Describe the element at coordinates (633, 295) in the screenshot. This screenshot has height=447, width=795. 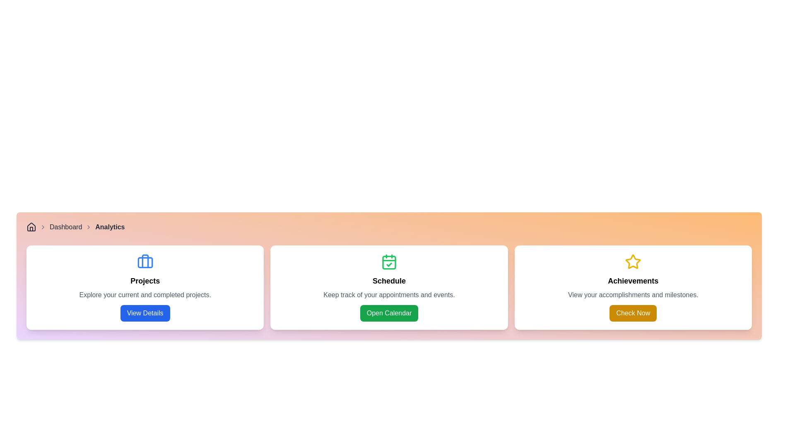
I see `the static text that provides context for the 'Achievements' section, located beneath the 'Achievements' title and above the yellow 'Check Now' button` at that location.